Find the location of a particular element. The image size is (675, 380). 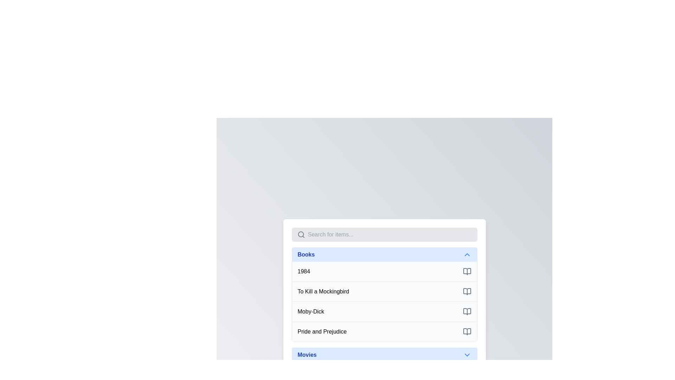

the open book icon located in the 'Books' section, positioned in the same row as the title 'Moby-Dick' is located at coordinates (467, 311).